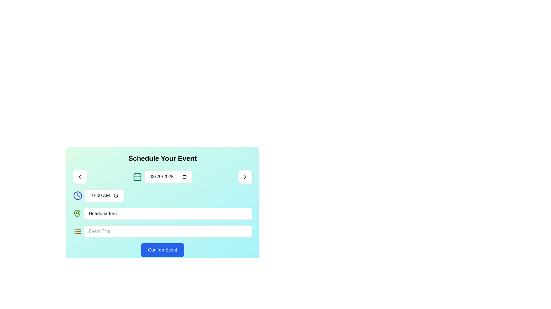 The width and height of the screenshot is (551, 309). What do you see at coordinates (137, 177) in the screenshot?
I see `the icon button located below the title 'Schedule Your Event'` at bounding box center [137, 177].